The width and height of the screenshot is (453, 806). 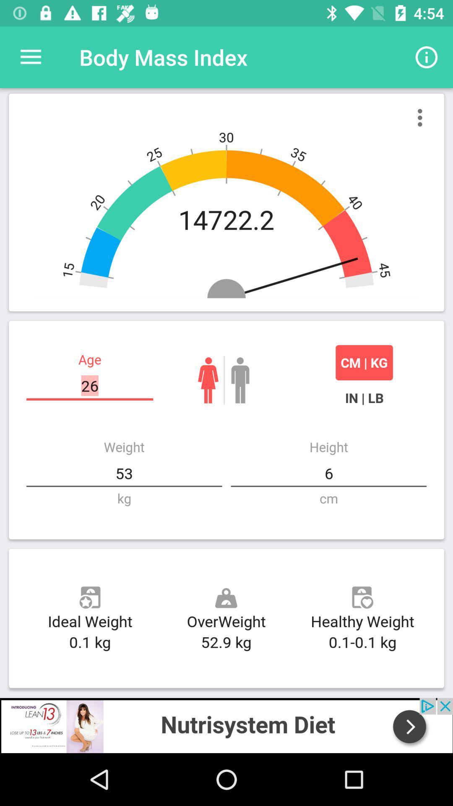 I want to click on the image below body mass index, so click(x=226, y=202).